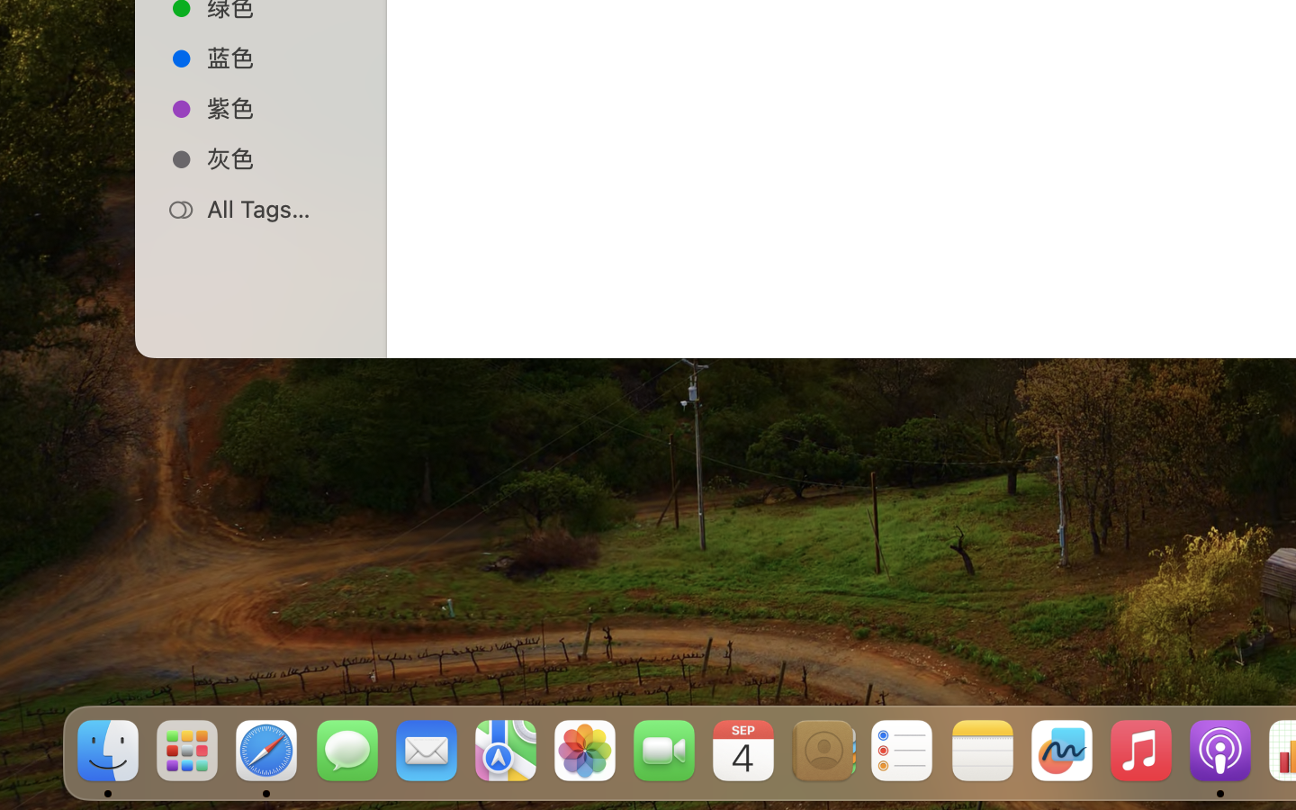 The image size is (1296, 810). I want to click on '灰色', so click(280, 158).